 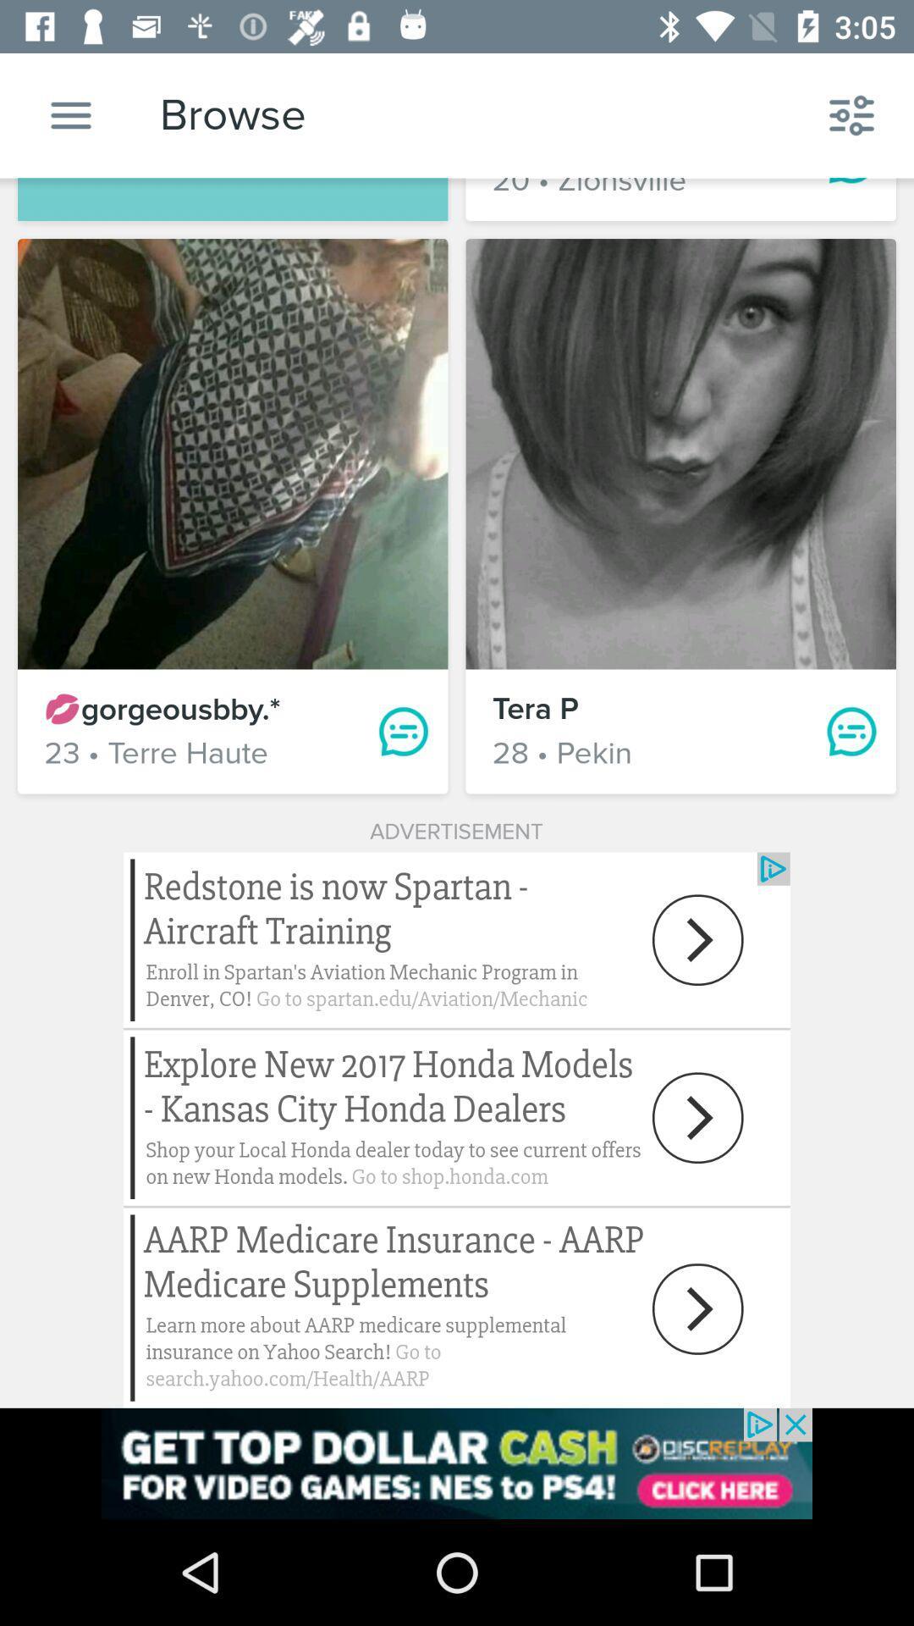 What do you see at coordinates (851, 732) in the screenshot?
I see `the icon below the second image` at bounding box center [851, 732].